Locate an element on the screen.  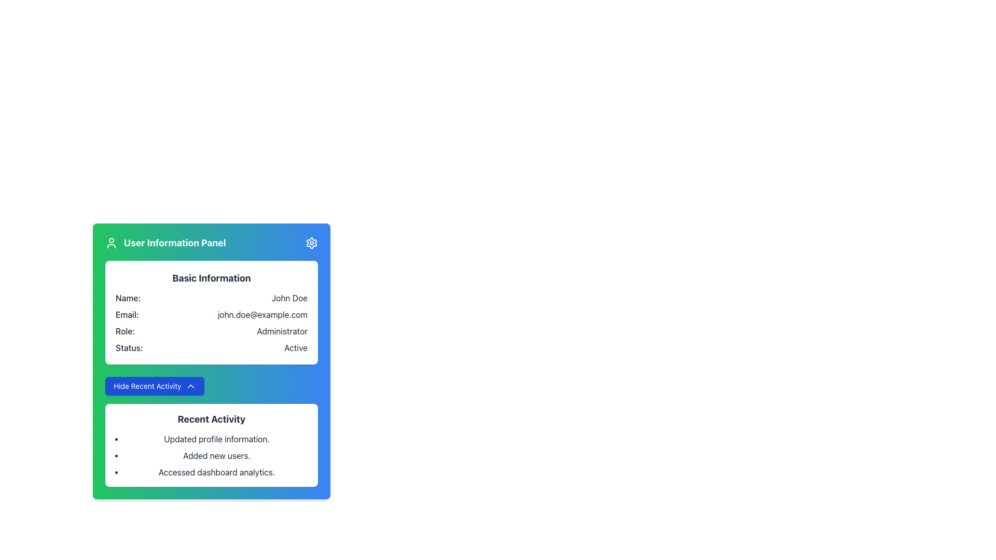
the Information Panel that displays a summary of recent activities, located below the 'Hide Recent Activity' button is located at coordinates (211, 445).